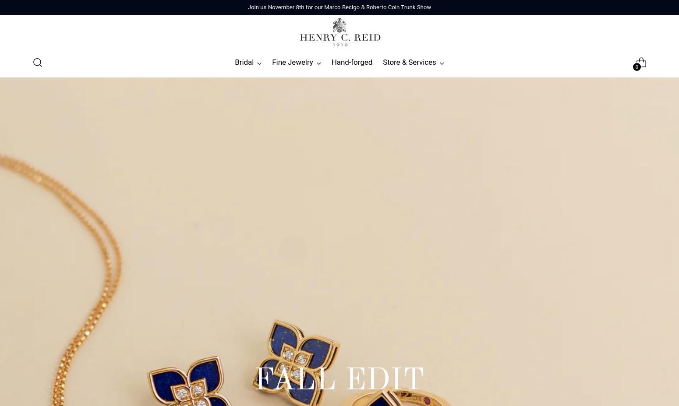 The height and width of the screenshot is (406, 679). I want to click on '0', so click(636, 67).